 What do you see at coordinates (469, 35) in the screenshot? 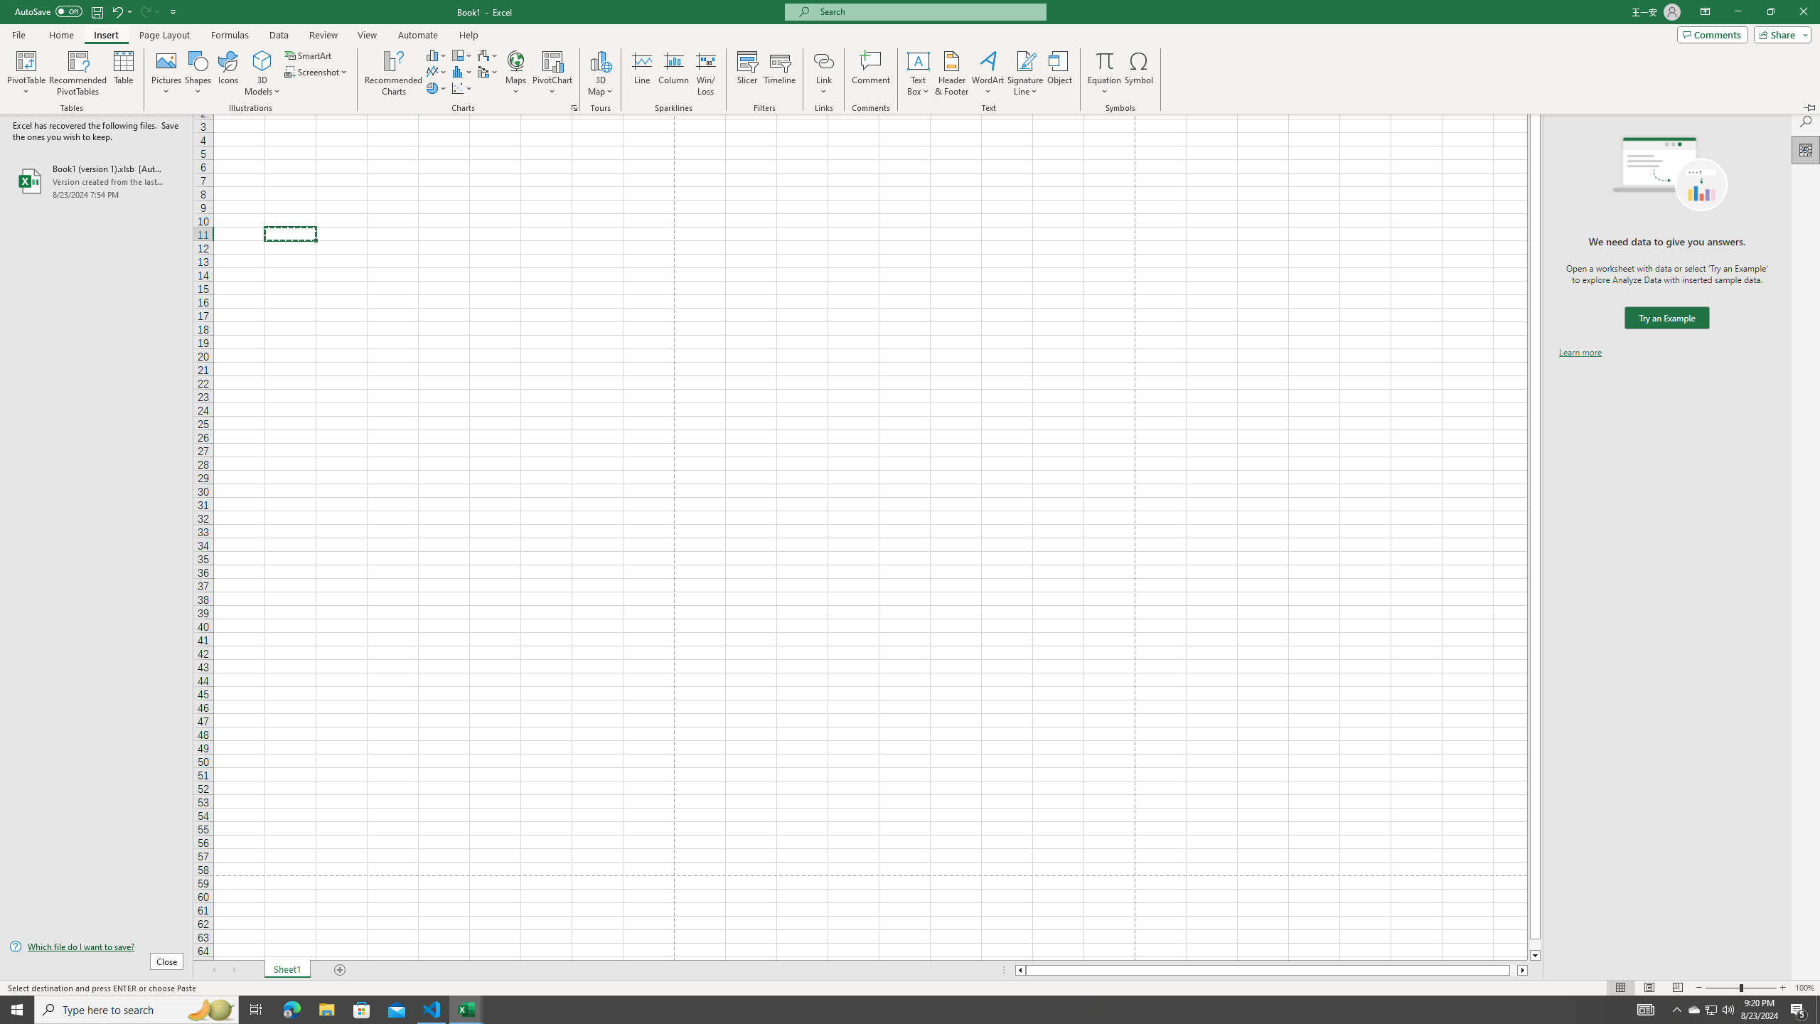
I see `'Help'` at bounding box center [469, 35].